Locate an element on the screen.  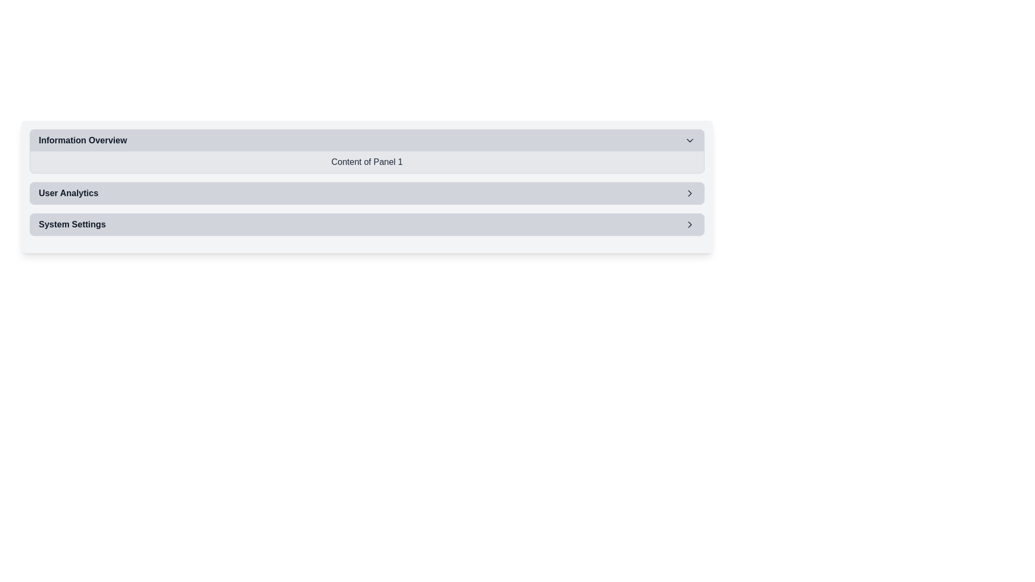
the 'Information Overview' toggle button to change its background style is located at coordinates (367, 140).